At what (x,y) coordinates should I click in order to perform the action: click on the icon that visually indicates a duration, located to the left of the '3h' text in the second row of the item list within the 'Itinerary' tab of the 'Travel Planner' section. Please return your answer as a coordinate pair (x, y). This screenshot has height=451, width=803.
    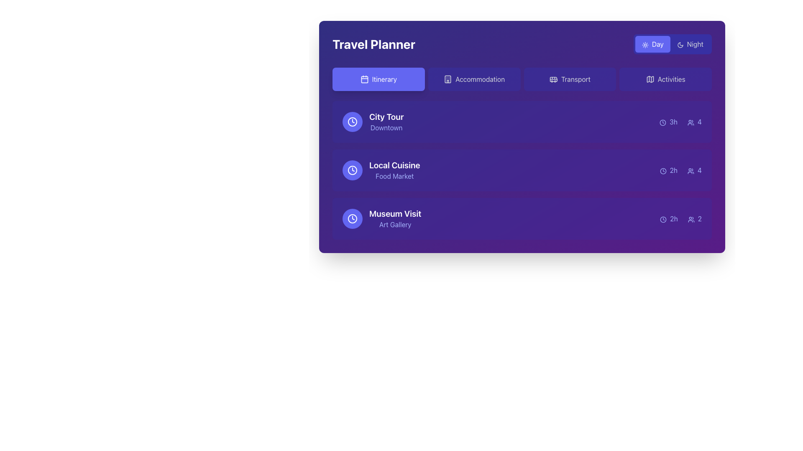
    Looking at the image, I should click on (662, 122).